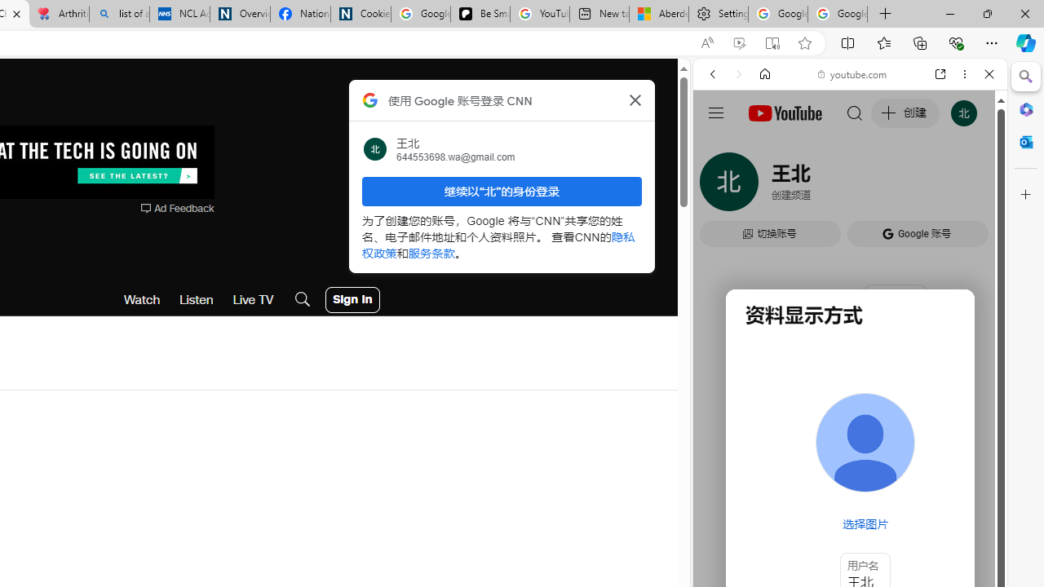 The image size is (1044, 587). Describe the element at coordinates (738, 42) in the screenshot. I see `'Enhance video'` at that location.